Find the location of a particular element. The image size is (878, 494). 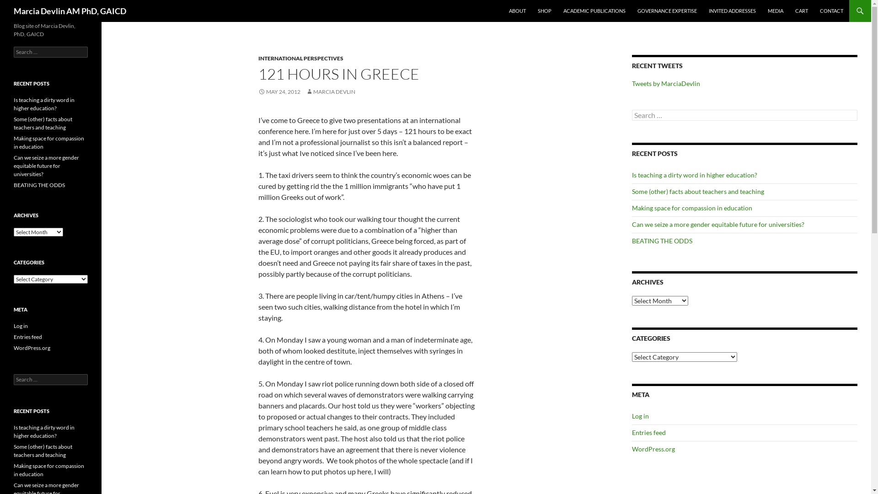

'CART' is located at coordinates (801, 11).